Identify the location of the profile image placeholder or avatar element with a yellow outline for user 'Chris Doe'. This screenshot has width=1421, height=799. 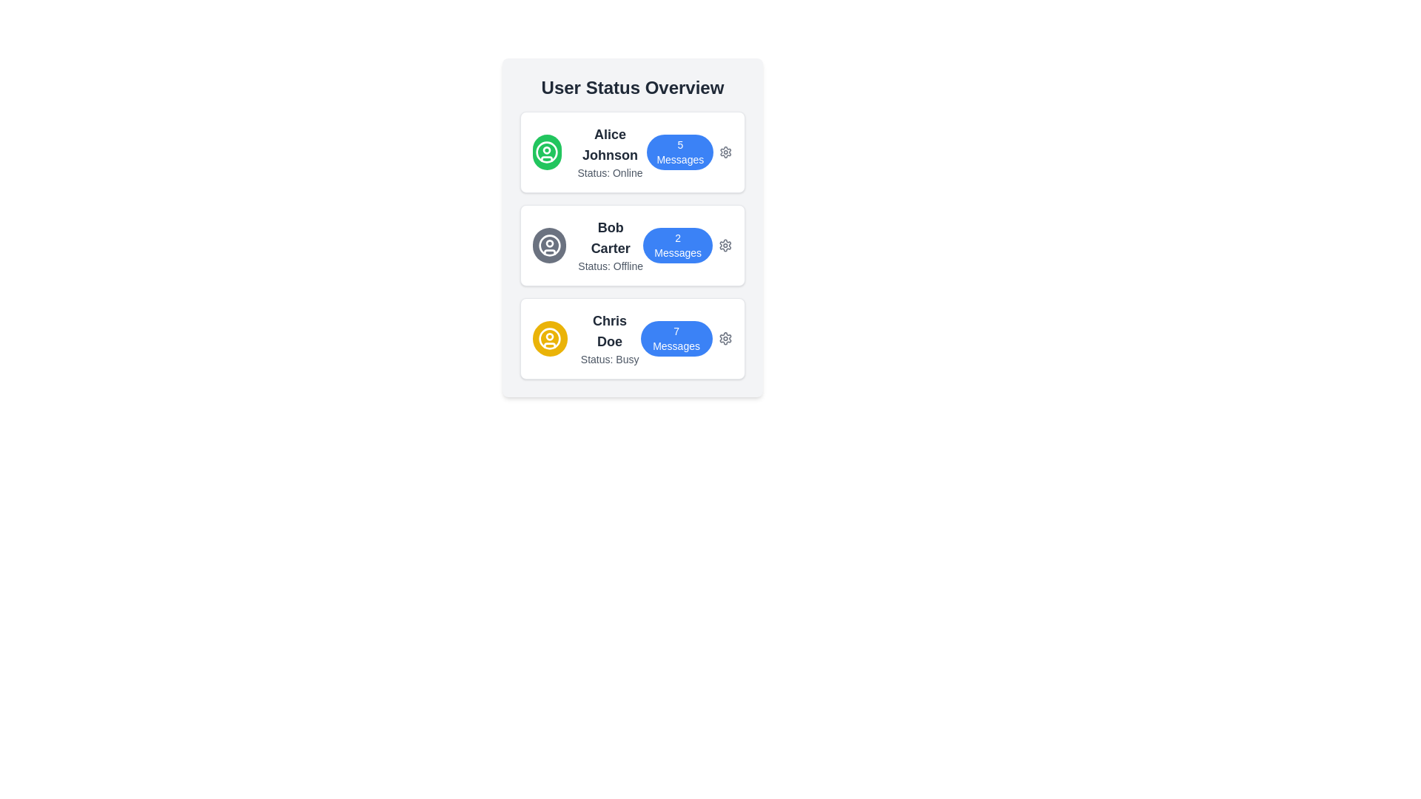
(549, 339).